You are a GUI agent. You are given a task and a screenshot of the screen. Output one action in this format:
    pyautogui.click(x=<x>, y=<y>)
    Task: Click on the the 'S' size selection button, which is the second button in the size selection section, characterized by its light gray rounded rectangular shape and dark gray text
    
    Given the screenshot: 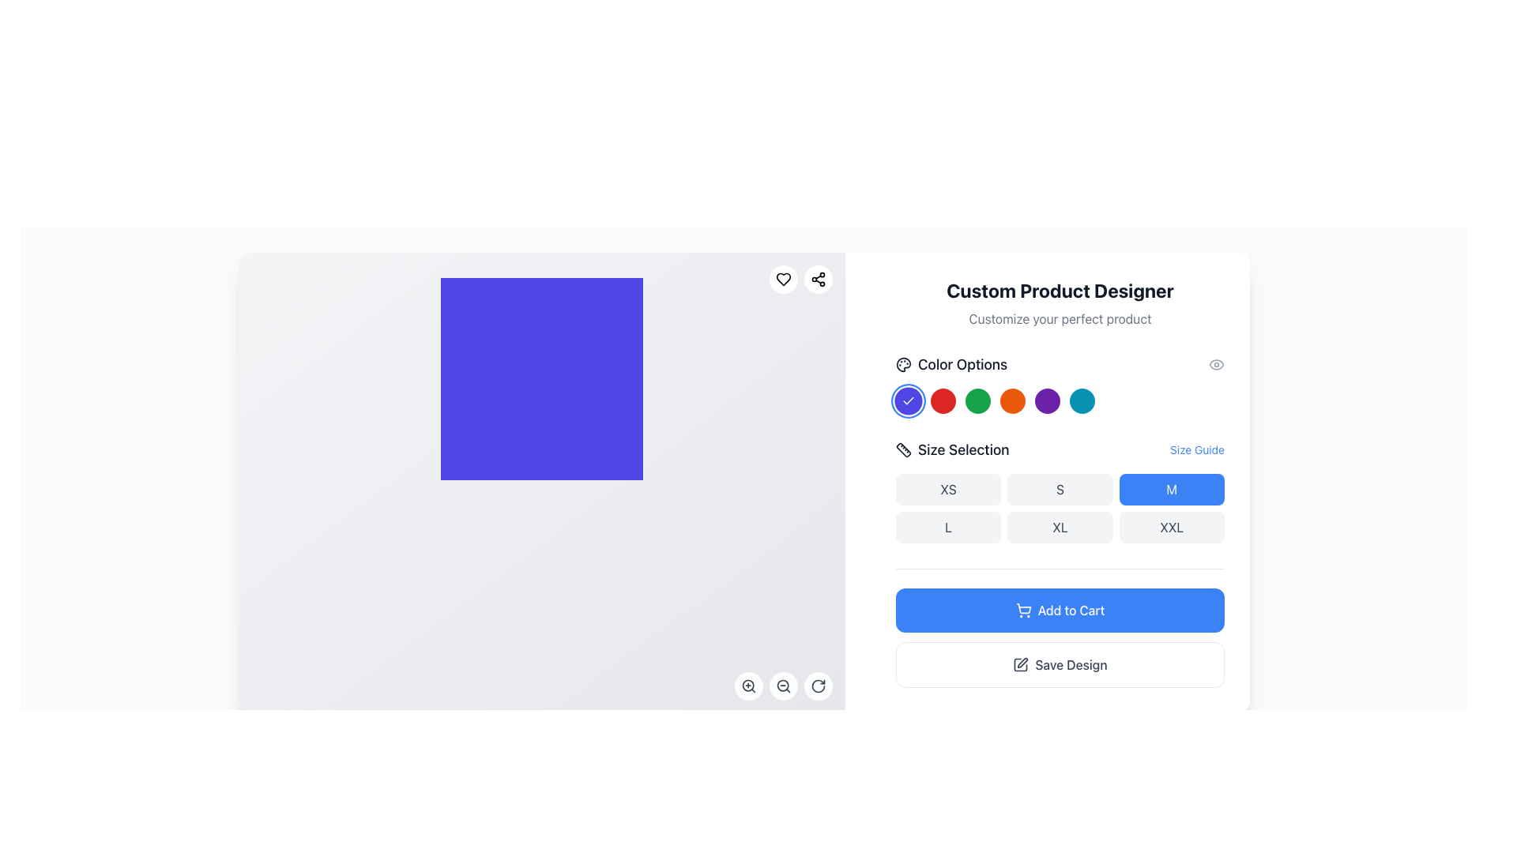 What is the action you would take?
    pyautogui.click(x=1059, y=489)
    